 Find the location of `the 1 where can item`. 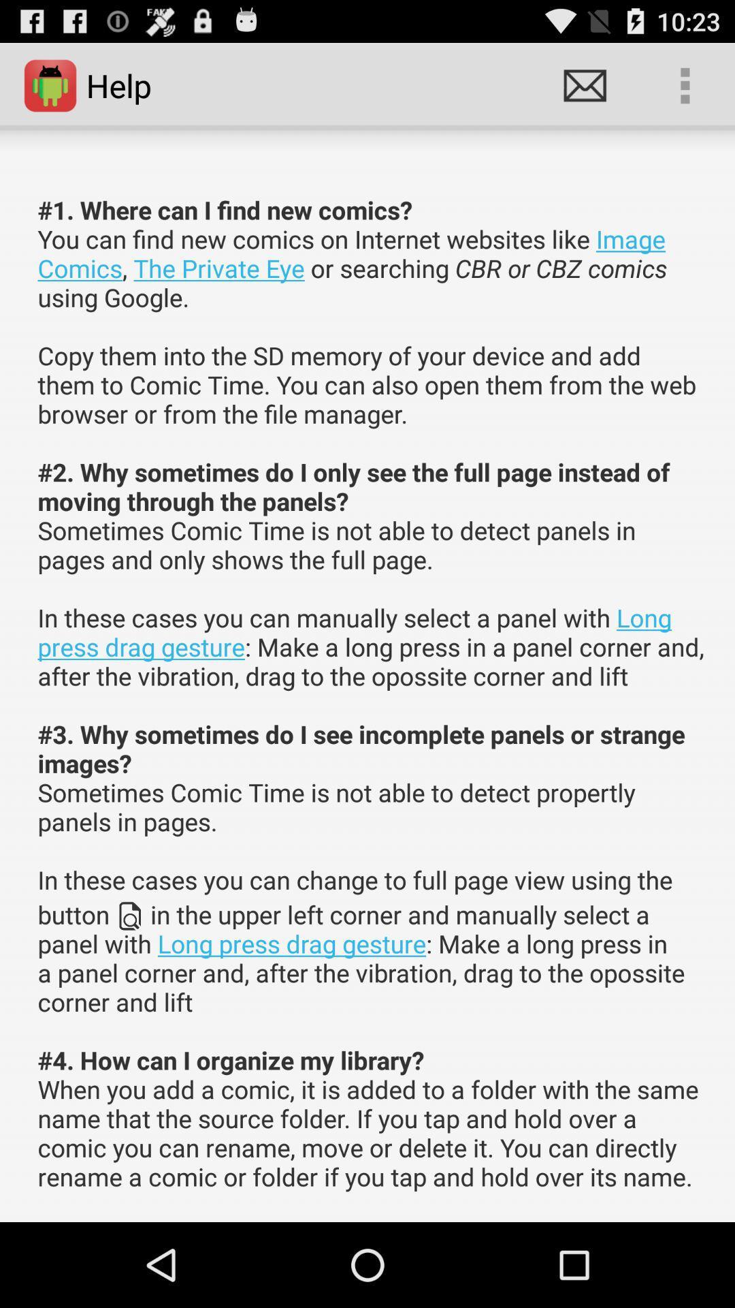

the 1 where can item is located at coordinates (372, 693).